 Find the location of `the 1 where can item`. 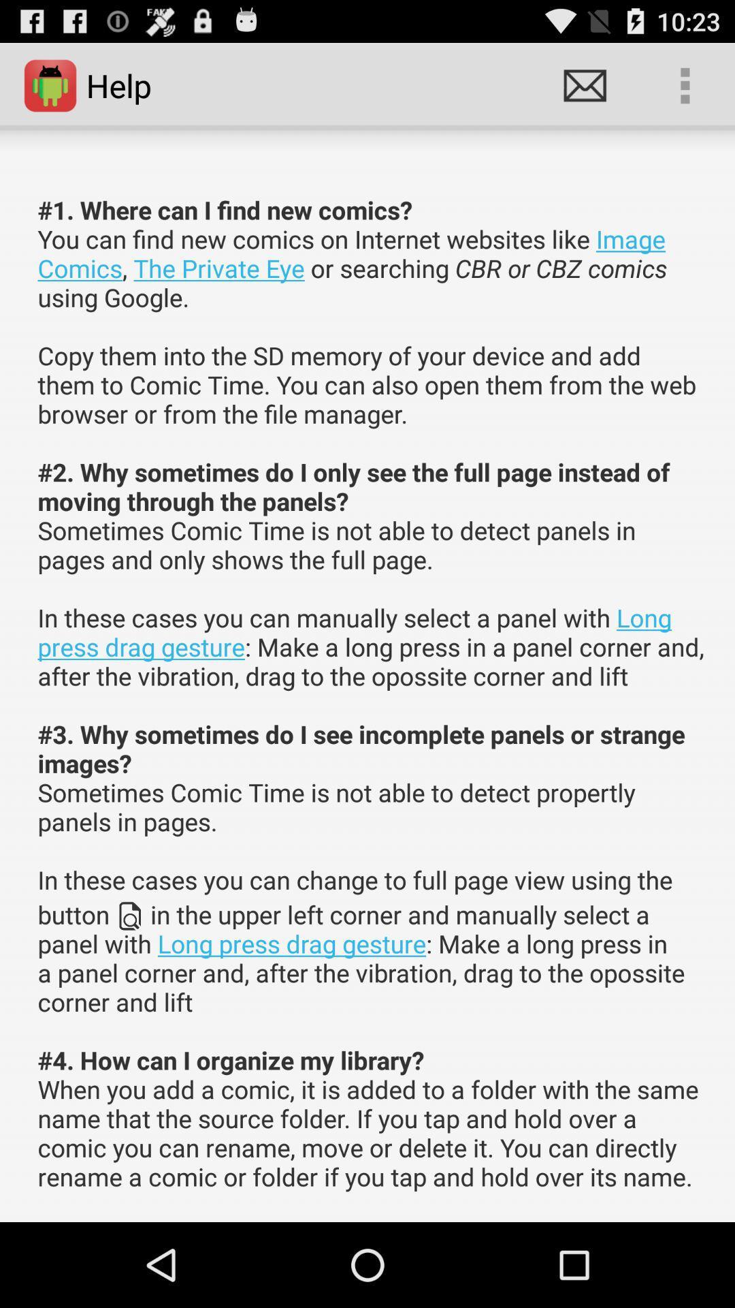

the 1 where can item is located at coordinates (372, 693).